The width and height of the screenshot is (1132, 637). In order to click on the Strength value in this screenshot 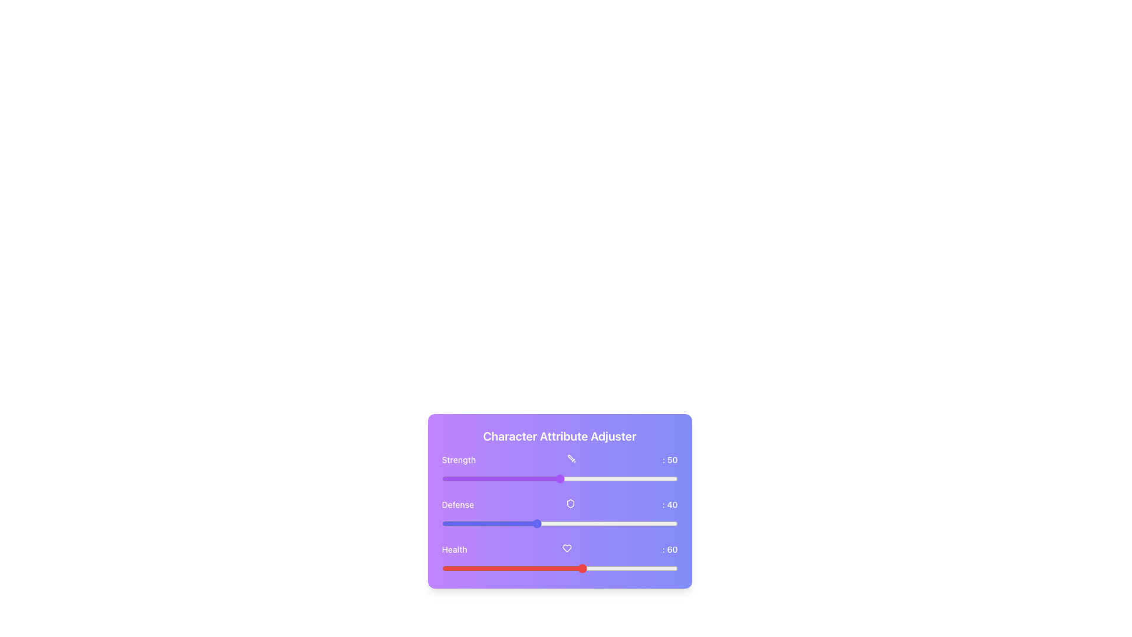, I will do `click(663, 479)`.